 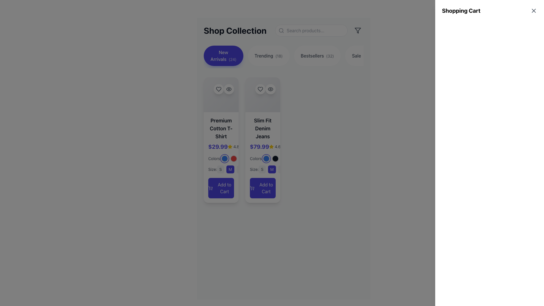 What do you see at coordinates (262, 188) in the screenshot?
I see `the rectangular blue 'Add to Cart' button with white text and a shopping cart icon, located beneath the size selection options for 'Slim Fit Denim Jeans' in the second column, to observe the color change effect` at bounding box center [262, 188].